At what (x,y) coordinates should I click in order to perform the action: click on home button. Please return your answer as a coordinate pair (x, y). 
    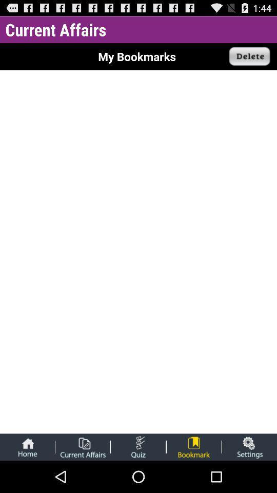
    Looking at the image, I should click on (27, 446).